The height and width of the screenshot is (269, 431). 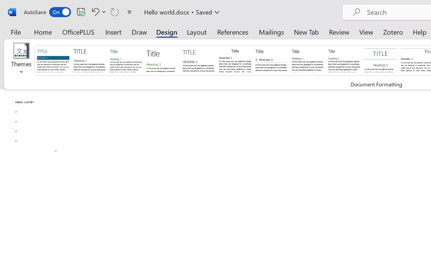 What do you see at coordinates (129, 12) in the screenshot?
I see `'Customize Quick Access Toolbar'` at bounding box center [129, 12].